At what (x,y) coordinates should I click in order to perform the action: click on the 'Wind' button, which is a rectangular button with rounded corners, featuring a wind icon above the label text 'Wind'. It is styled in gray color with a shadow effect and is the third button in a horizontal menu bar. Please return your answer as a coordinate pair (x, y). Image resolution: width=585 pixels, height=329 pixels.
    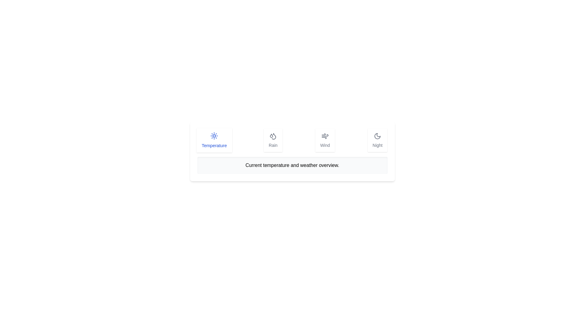
    Looking at the image, I should click on (324, 140).